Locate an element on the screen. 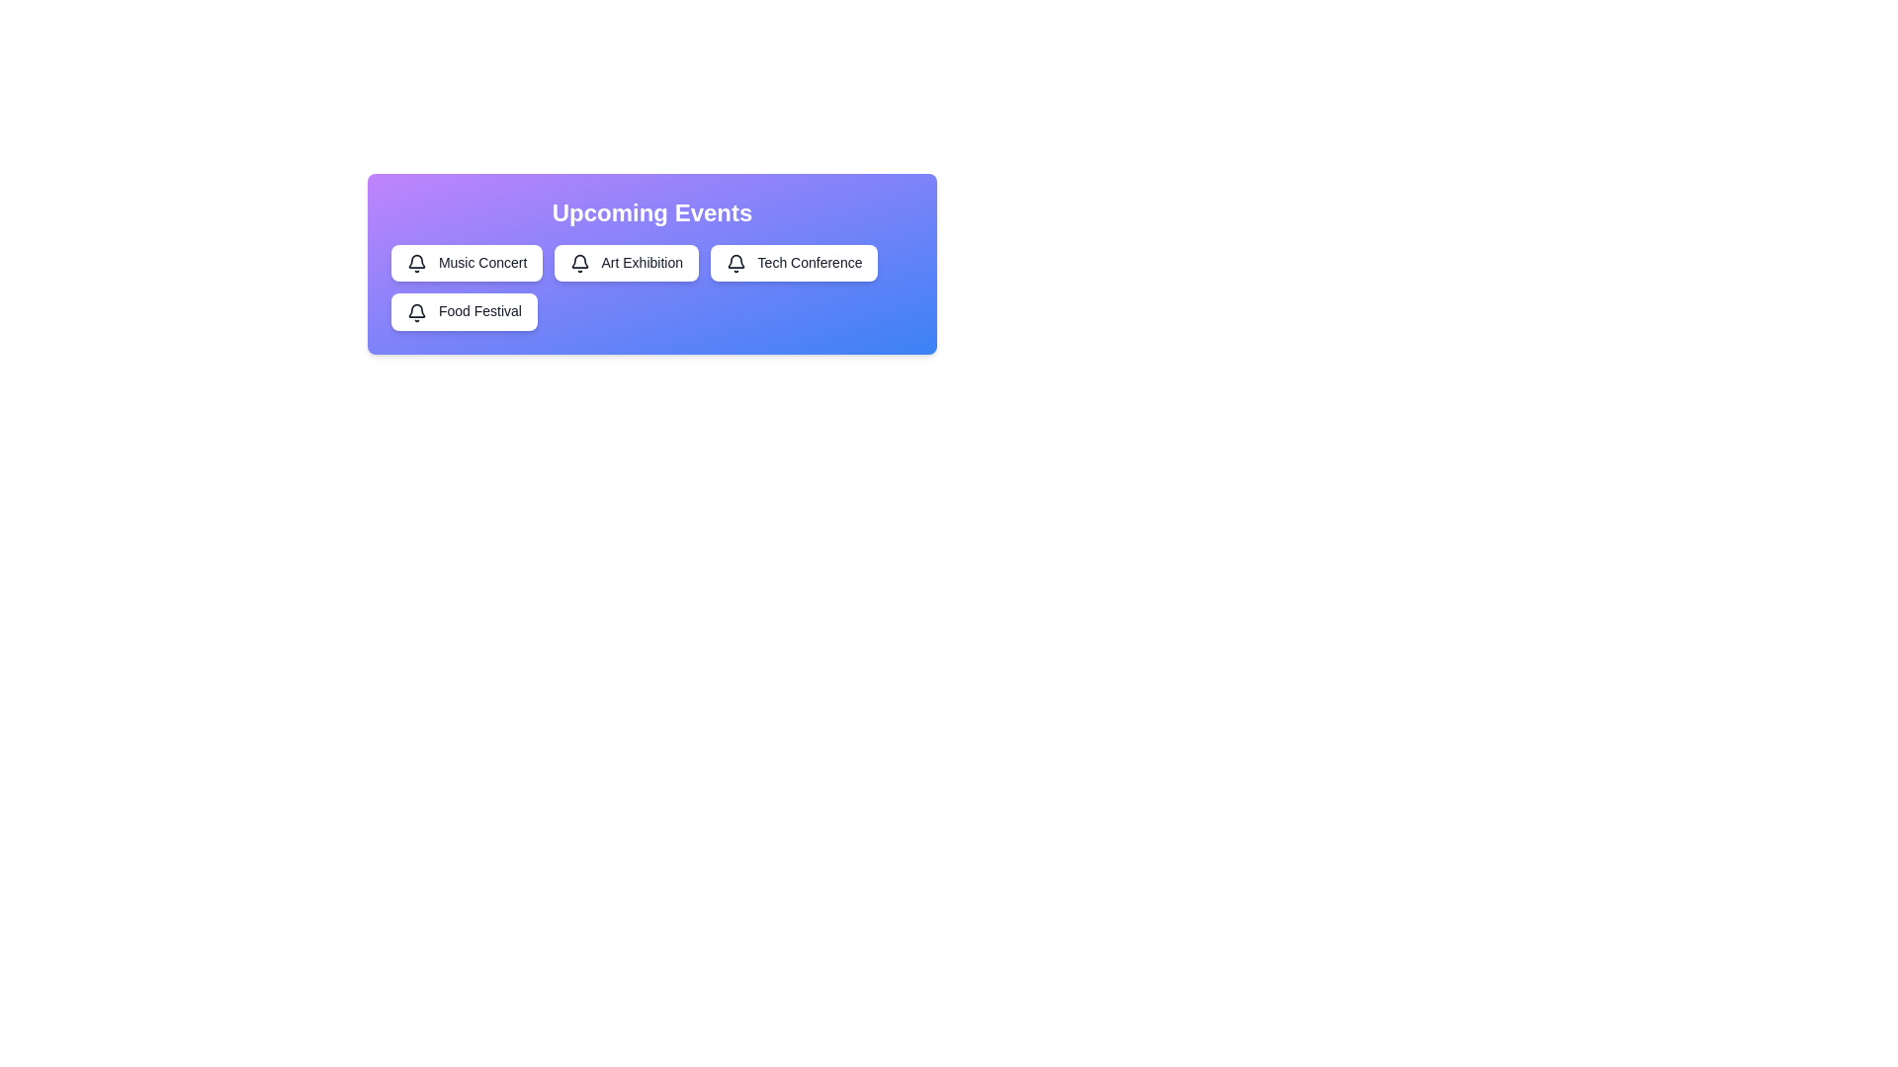 Image resolution: width=1898 pixels, height=1067 pixels. the event Art Exhibition by clicking its corresponding chip is located at coordinates (626, 262).